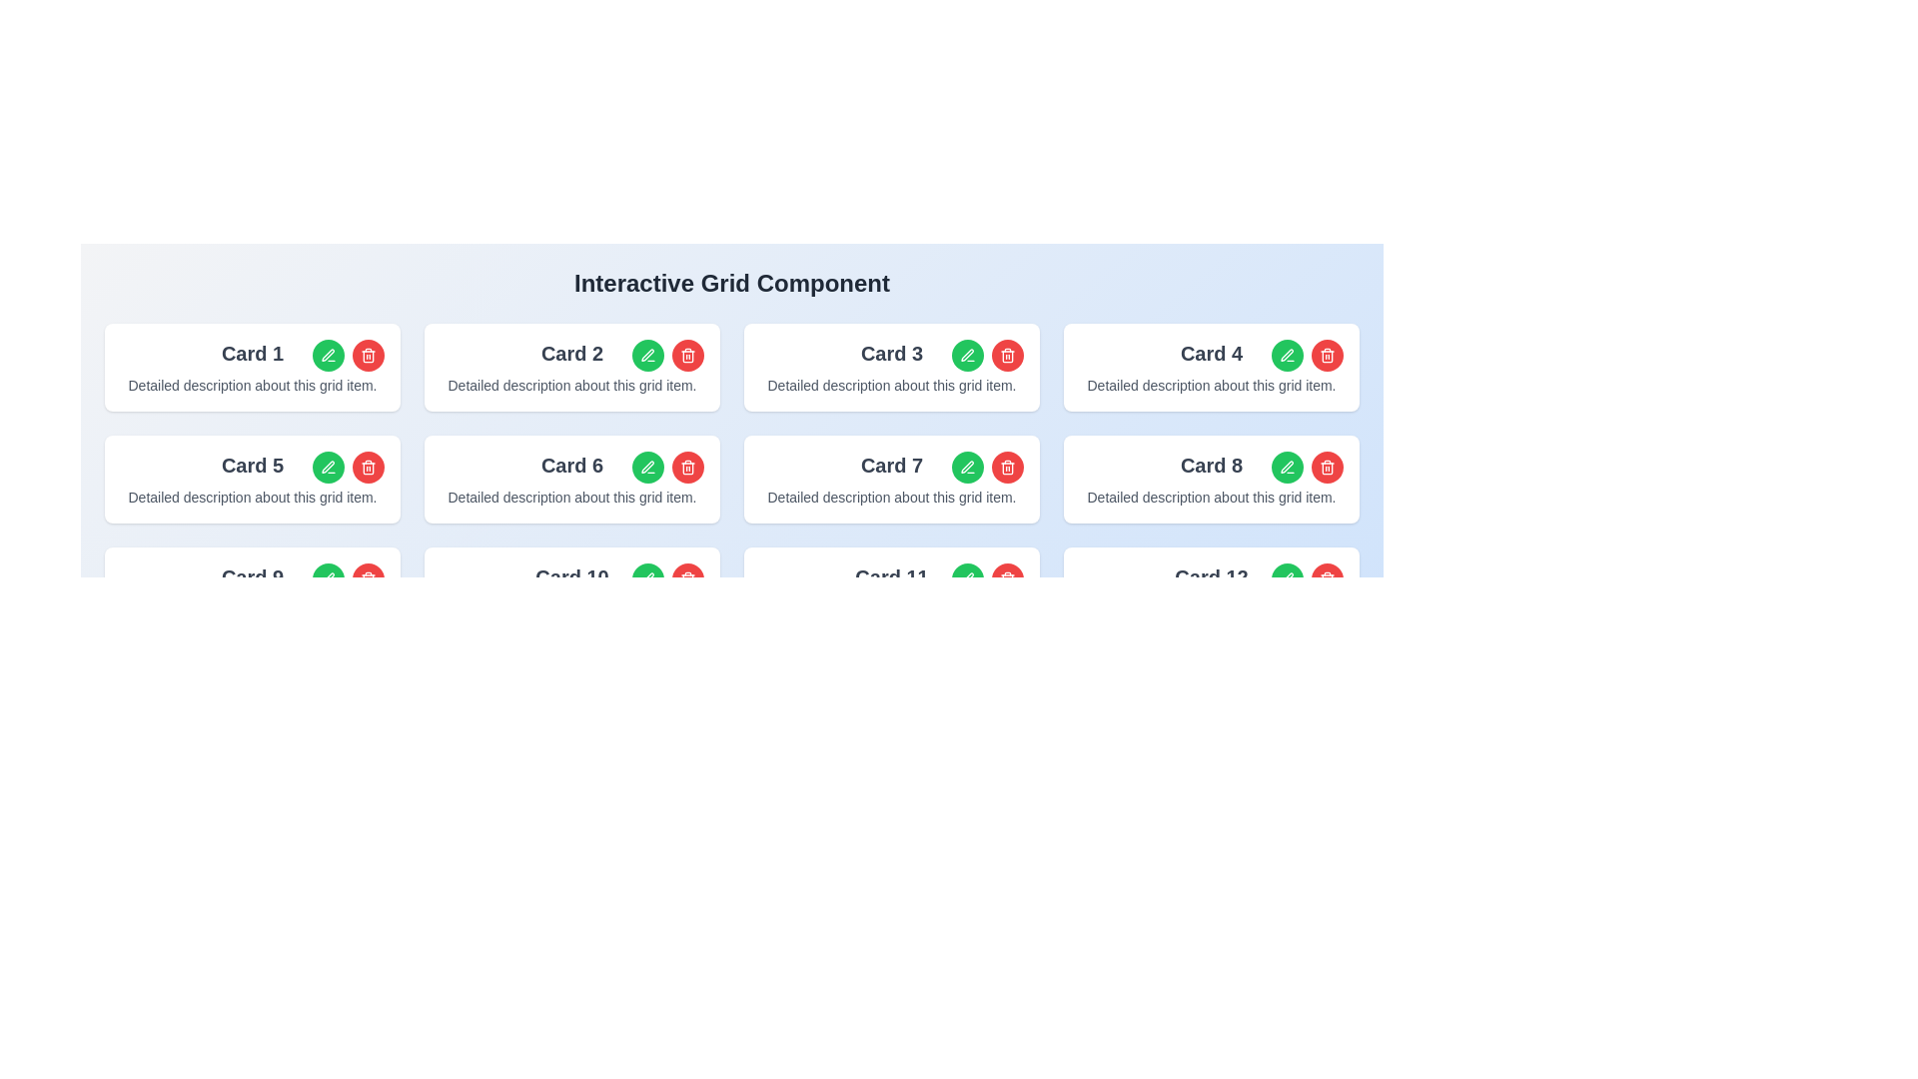 The height and width of the screenshot is (1079, 1918). Describe the element at coordinates (987, 578) in the screenshot. I see `the red trash can button located in the top-right corner of the 'Card 11' grid cell` at that location.